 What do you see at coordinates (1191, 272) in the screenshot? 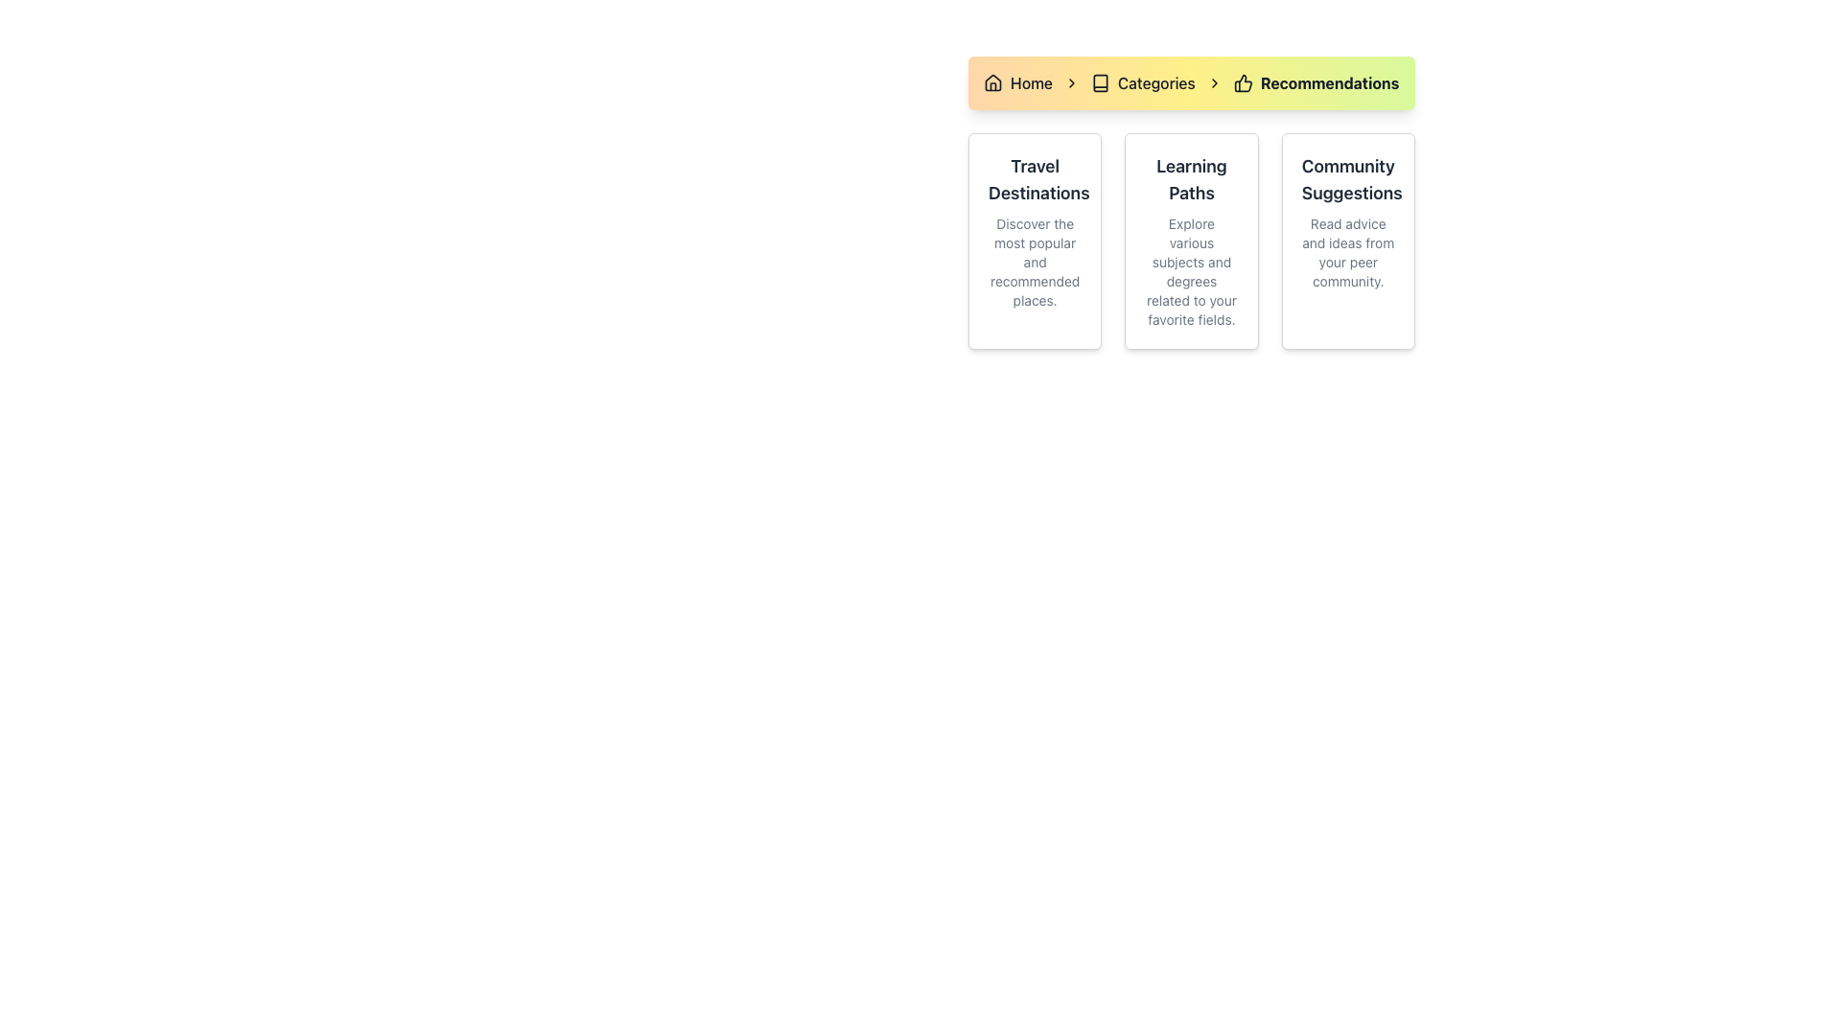
I see `the static text element that reads 'Explore various subjects and degrees related to your favorite fields.', which is located below the title 'Learning Paths'` at bounding box center [1191, 272].